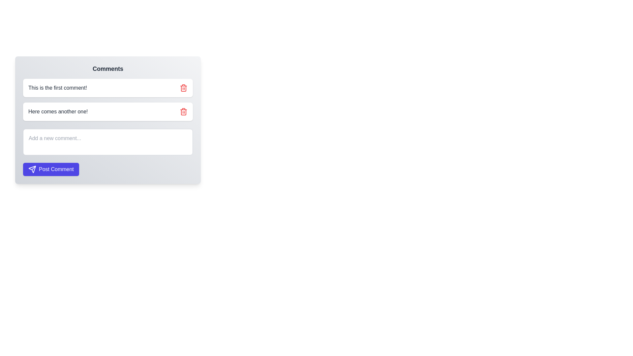 The height and width of the screenshot is (356, 633). What do you see at coordinates (32, 169) in the screenshot?
I see `the outlined paper plane icon button labeled 'Post Comment' located in the comments section to initiate an action` at bounding box center [32, 169].